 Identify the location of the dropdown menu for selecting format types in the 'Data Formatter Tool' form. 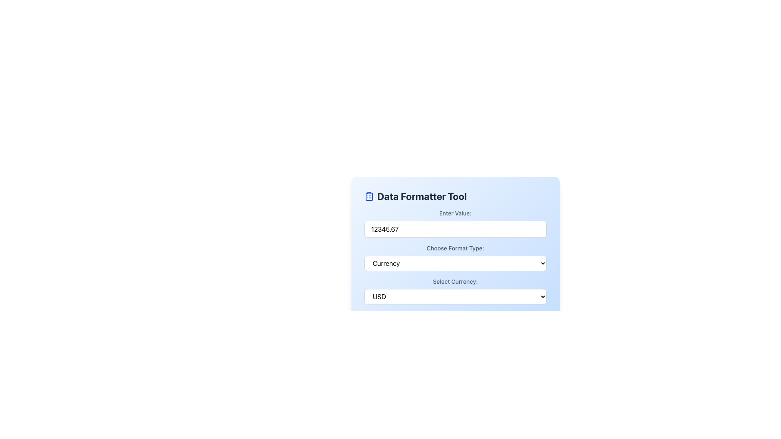
(455, 257).